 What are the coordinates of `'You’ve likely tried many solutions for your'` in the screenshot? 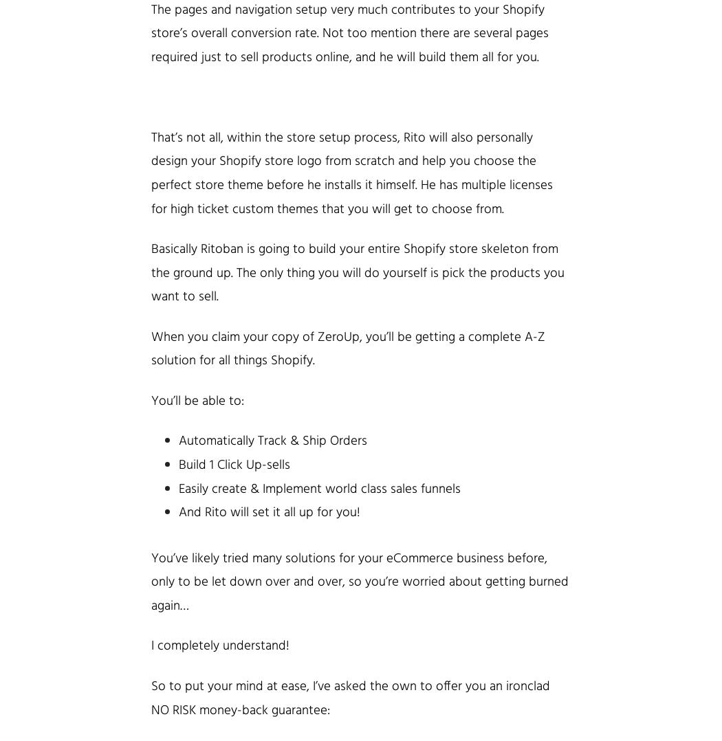 It's located at (269, 557).